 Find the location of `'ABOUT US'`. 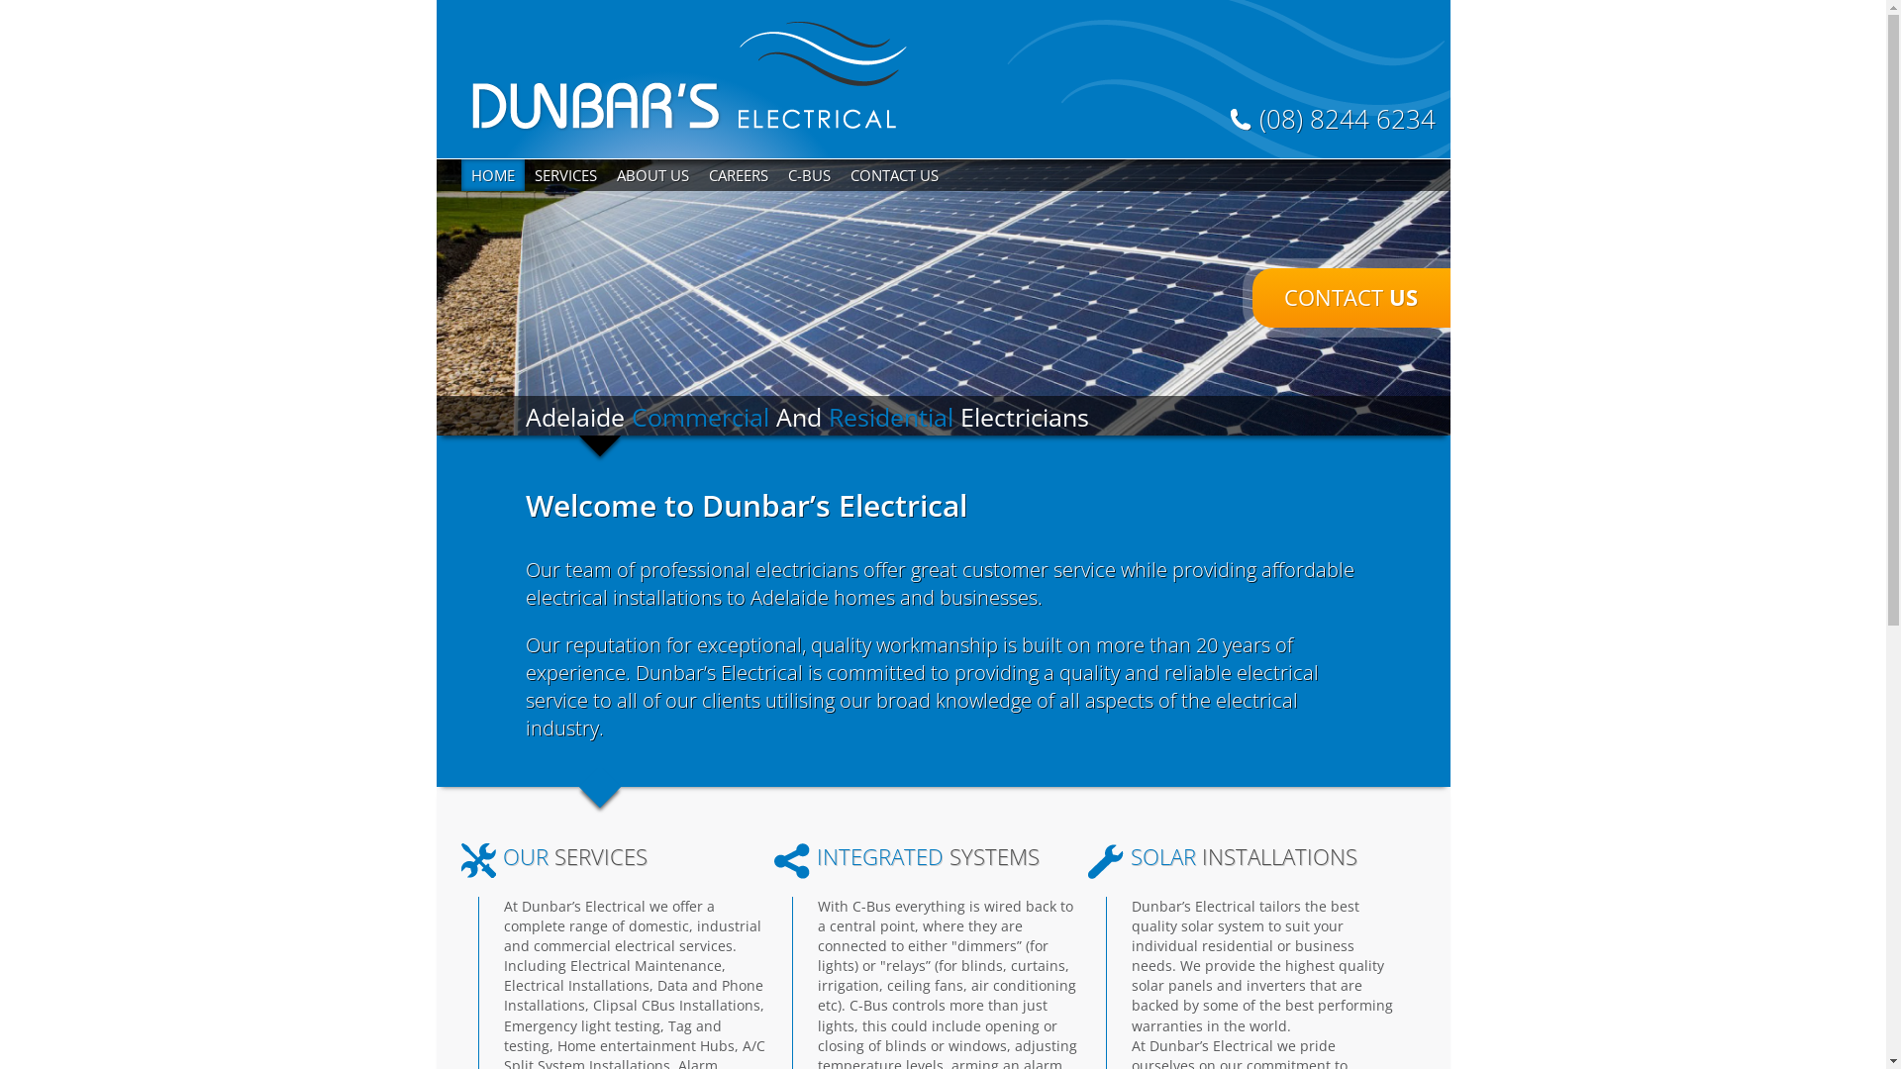

'ABOUT US' is located at coordinates (651, 174).